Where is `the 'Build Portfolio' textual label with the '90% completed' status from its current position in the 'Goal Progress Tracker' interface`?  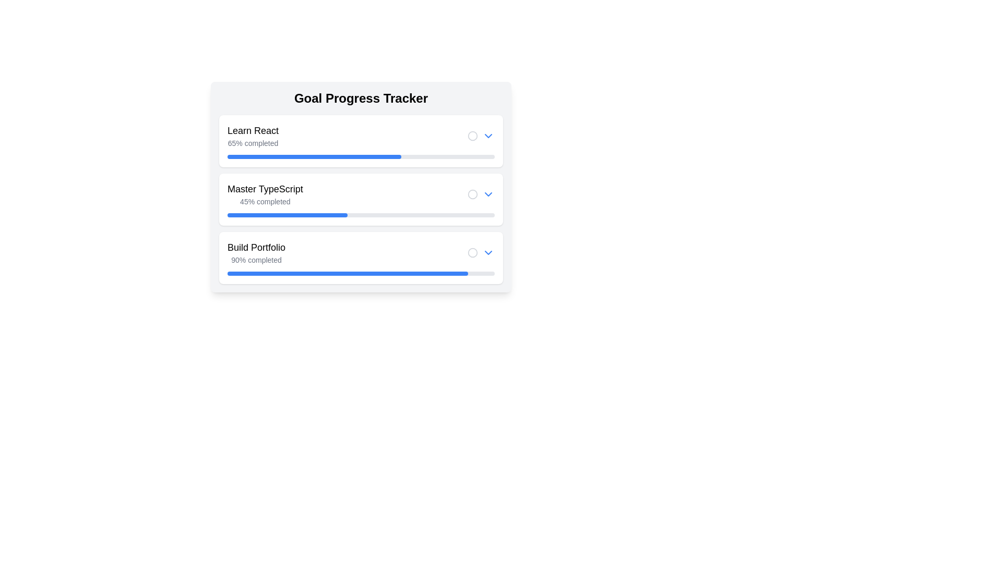 the 'Build Portfolio' textual label with the '90% completed' status from its current position in the 'Goal Progress Tracker' interface is located at coordinates (256, 253).